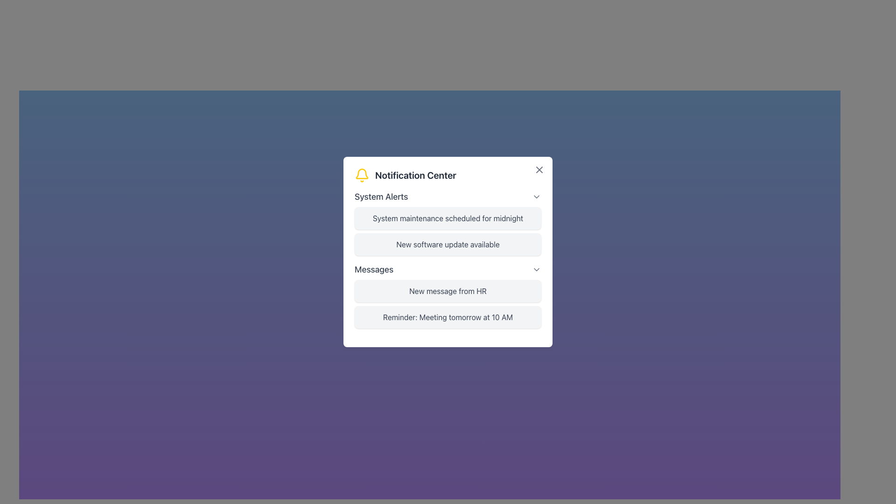  What do you see at coordinates (448, 252) in the screenshot?
I see `the second notification item under the 'System Alerts' header in the Notification Center` at bounding box center [448, 252].